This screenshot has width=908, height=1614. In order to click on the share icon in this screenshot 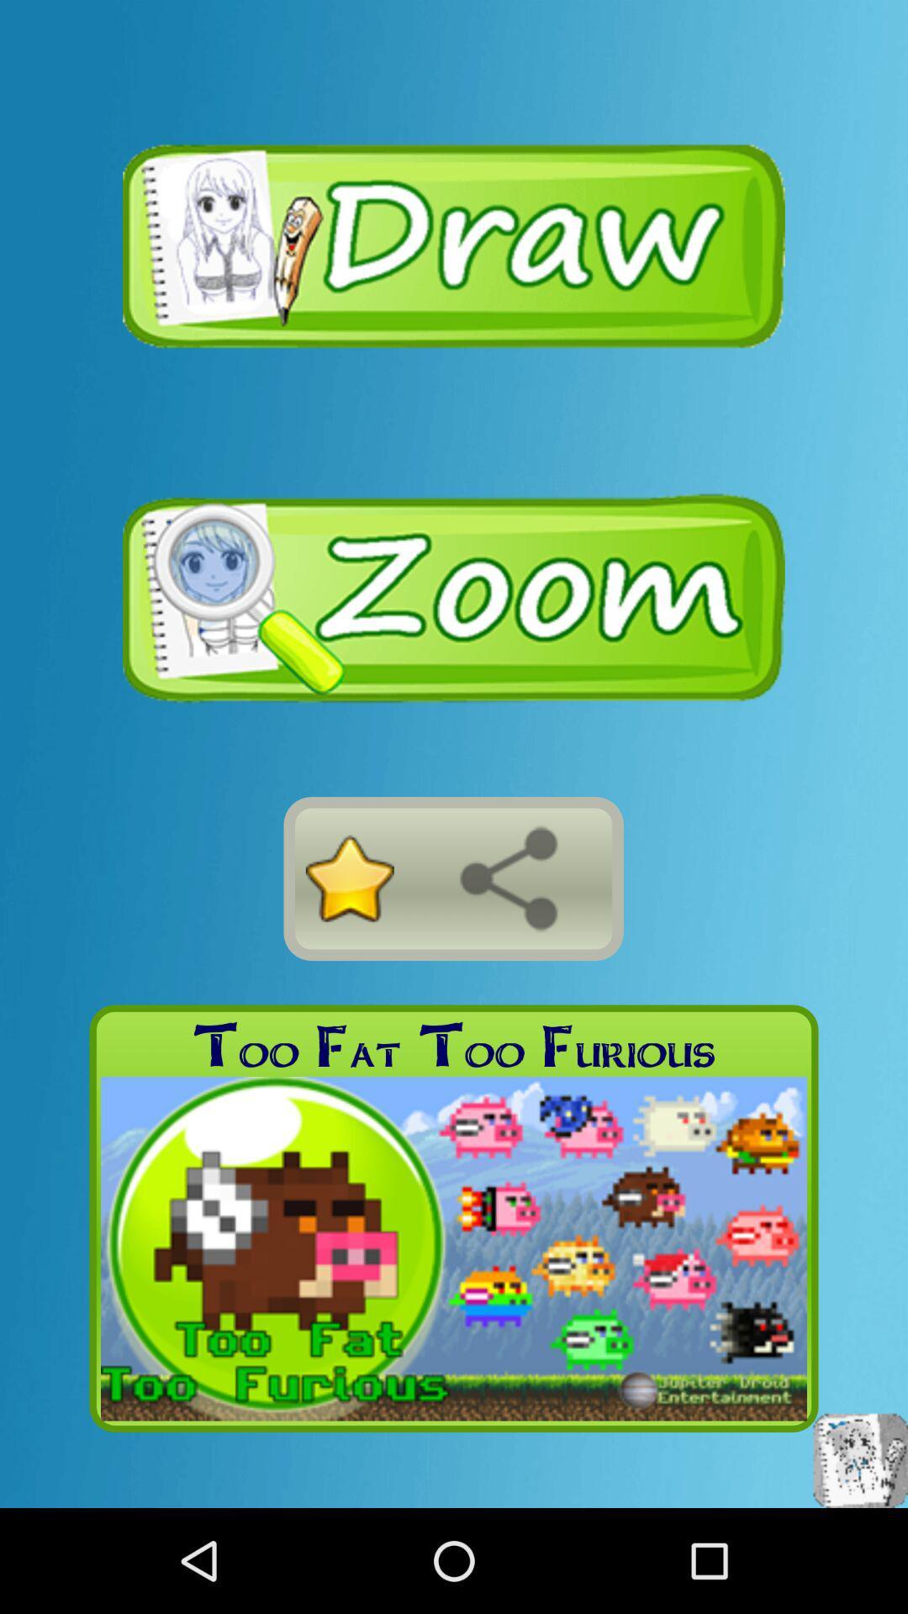, I will do `click(508, 939)`.